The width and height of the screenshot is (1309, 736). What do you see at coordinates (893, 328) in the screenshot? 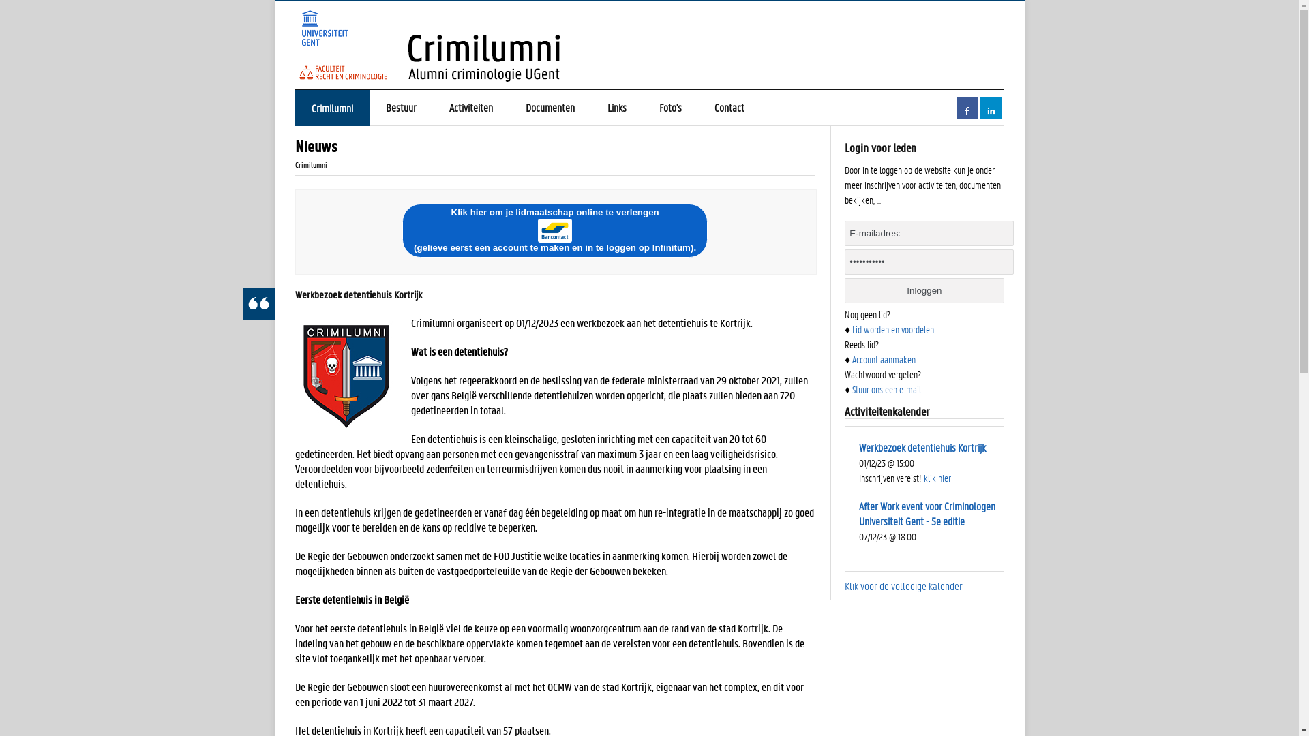
I see `'Lid worden en voordelen.'` at bounding box center [893, 328].